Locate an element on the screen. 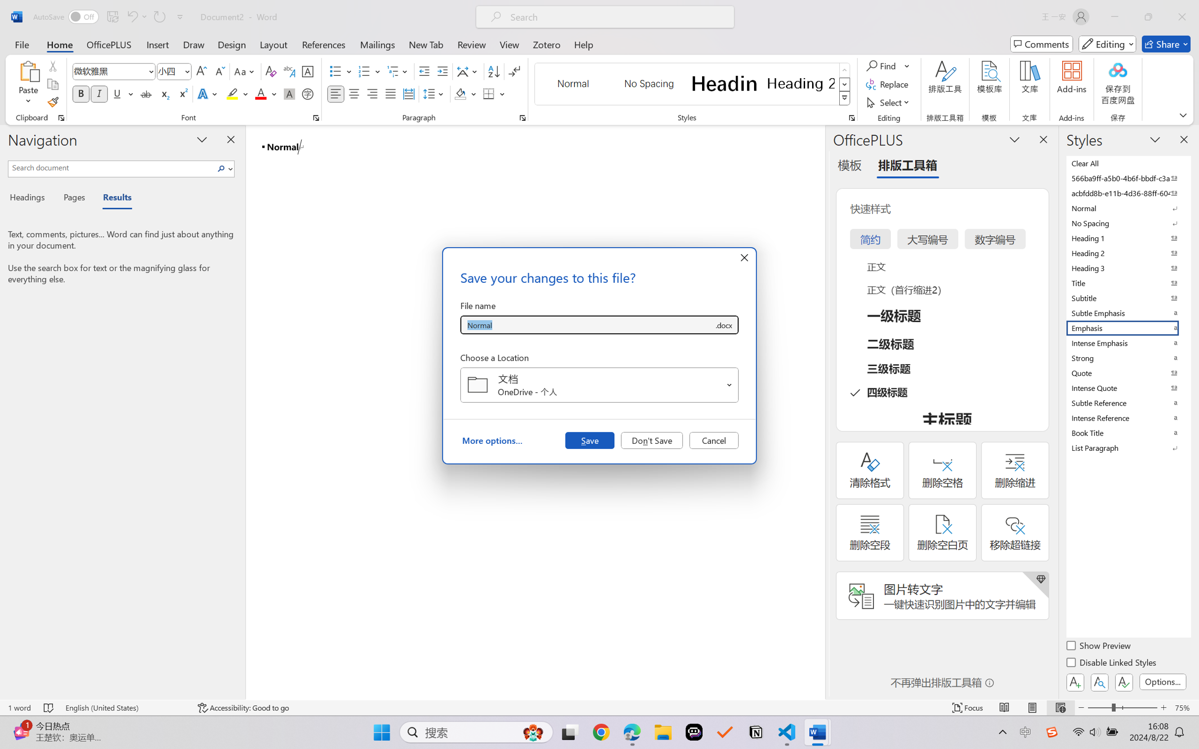 The height and width of the screenshot is (749, 1199). 'Bold' is located at coordinates (81, 93).